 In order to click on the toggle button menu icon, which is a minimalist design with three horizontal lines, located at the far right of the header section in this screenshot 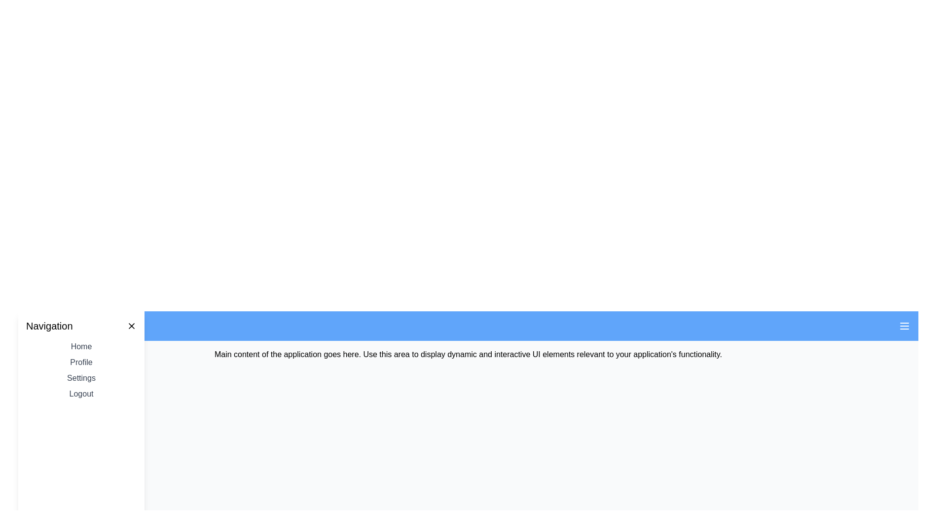, I will do `click(904, 326)`.